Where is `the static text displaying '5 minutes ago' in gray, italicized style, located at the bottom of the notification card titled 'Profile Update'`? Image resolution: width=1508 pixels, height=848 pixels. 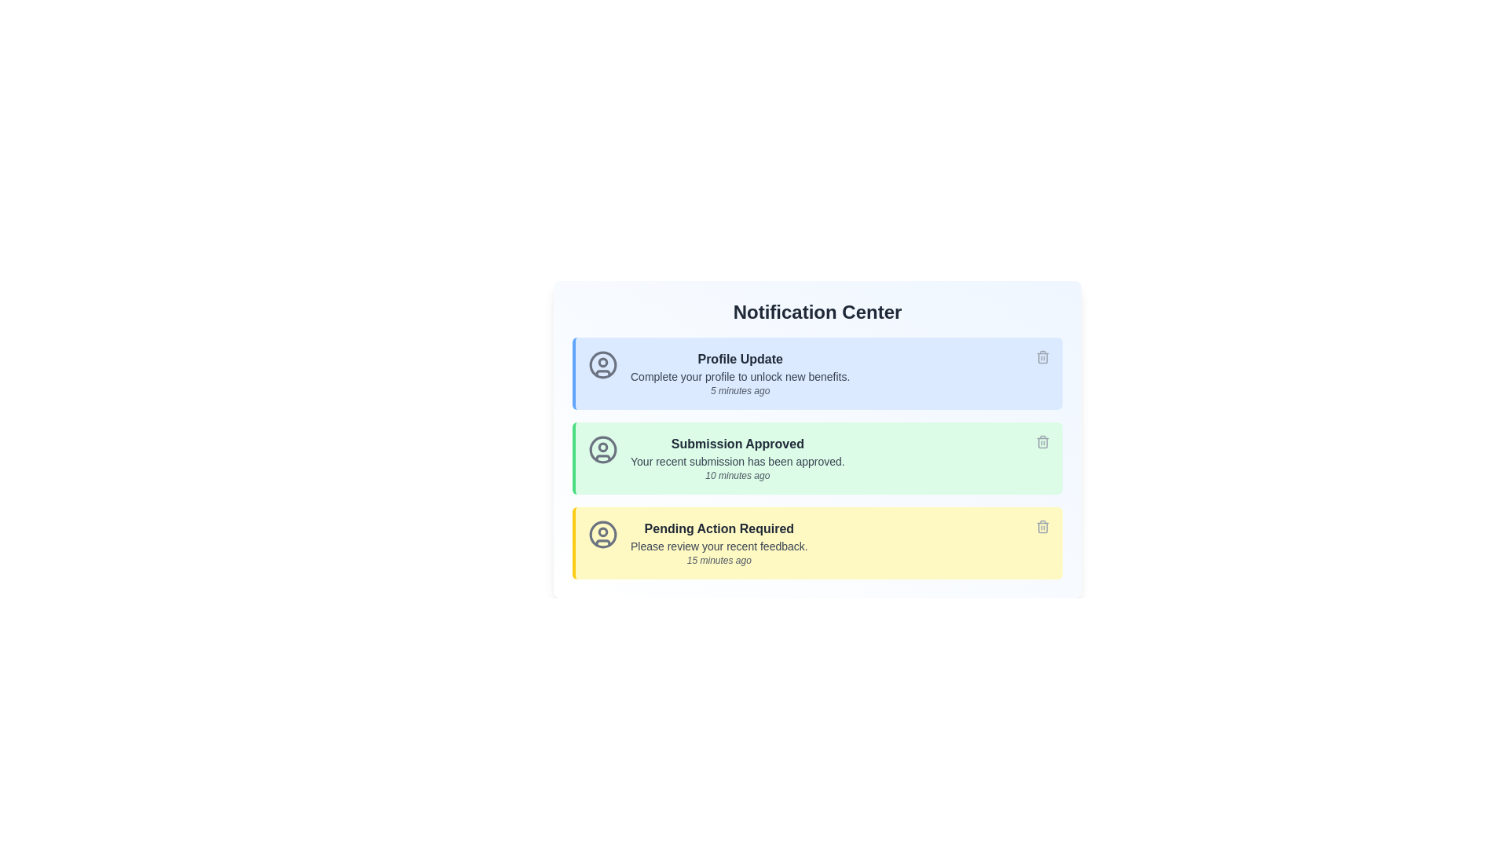
the static text displaying '5 minutes ago' in gray, italicized style, located at the bottom of the notification card titled 'Profile Update' is located at coordinates (739, 389).